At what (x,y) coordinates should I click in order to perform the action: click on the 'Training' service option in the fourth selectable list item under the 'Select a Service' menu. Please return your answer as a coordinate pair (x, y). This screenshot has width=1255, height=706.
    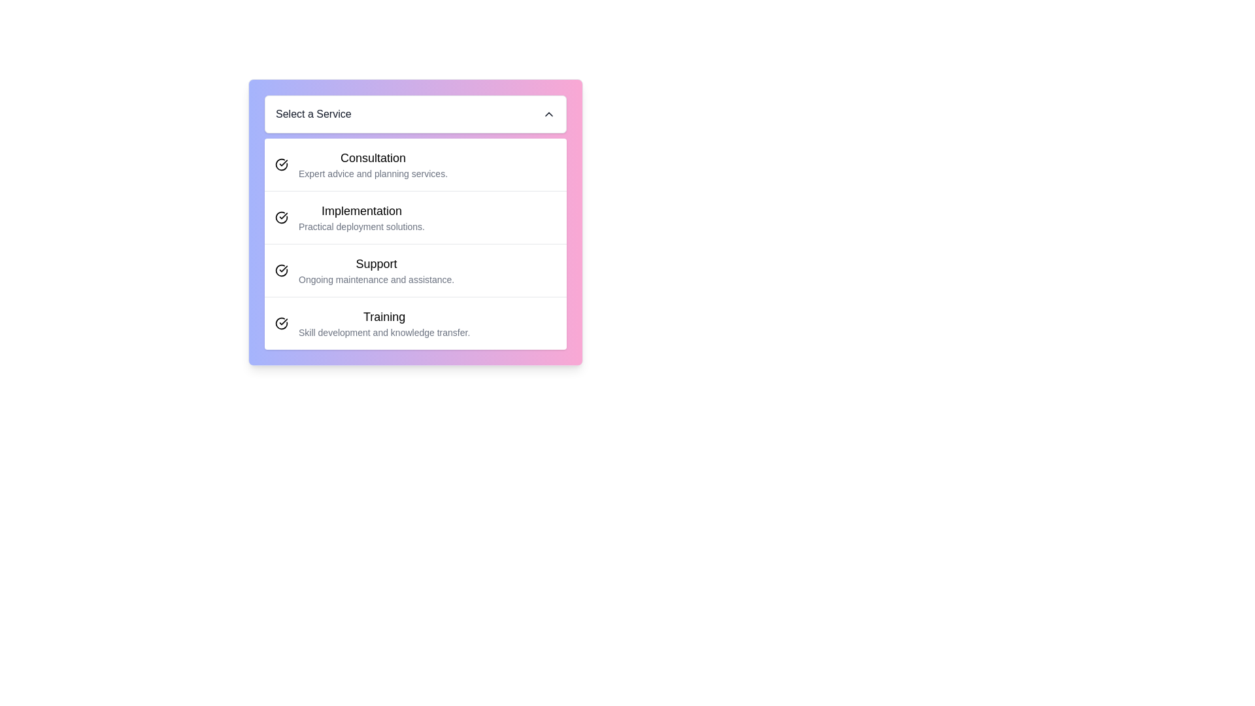
    Looking at the image, I should click on (384, 323).